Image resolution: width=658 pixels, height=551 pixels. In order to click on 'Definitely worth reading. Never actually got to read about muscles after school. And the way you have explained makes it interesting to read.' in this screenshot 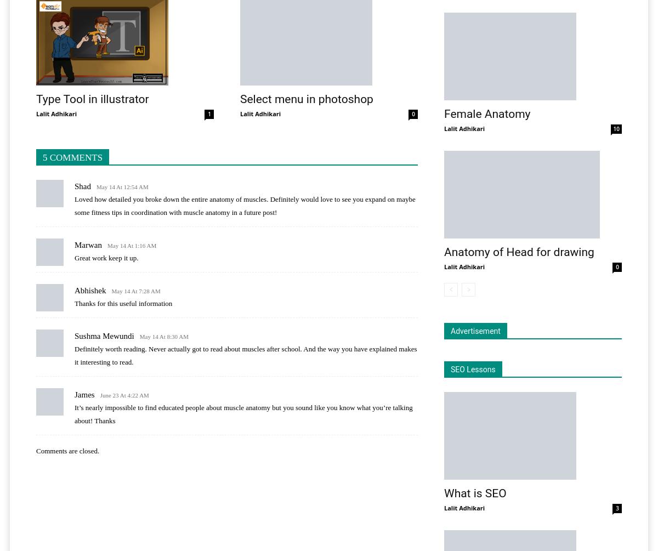, I will do `click(74, 355)`.